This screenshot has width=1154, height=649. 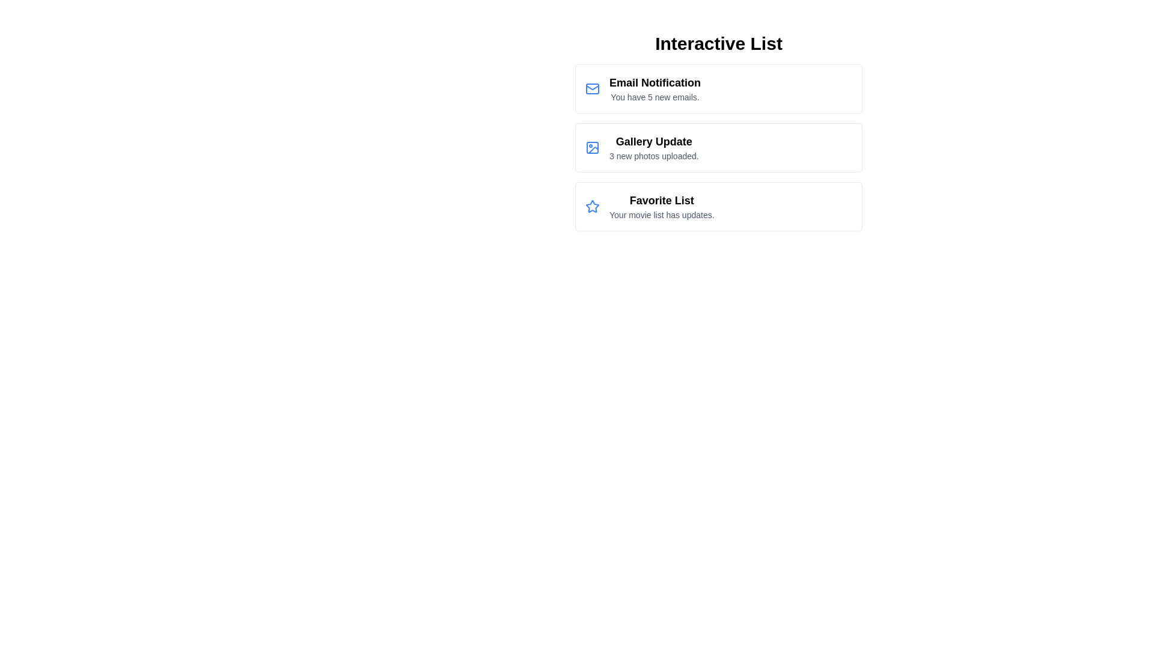 I want to click on the list item Favorite List to view its hover effect, so click(x=718, y=206).